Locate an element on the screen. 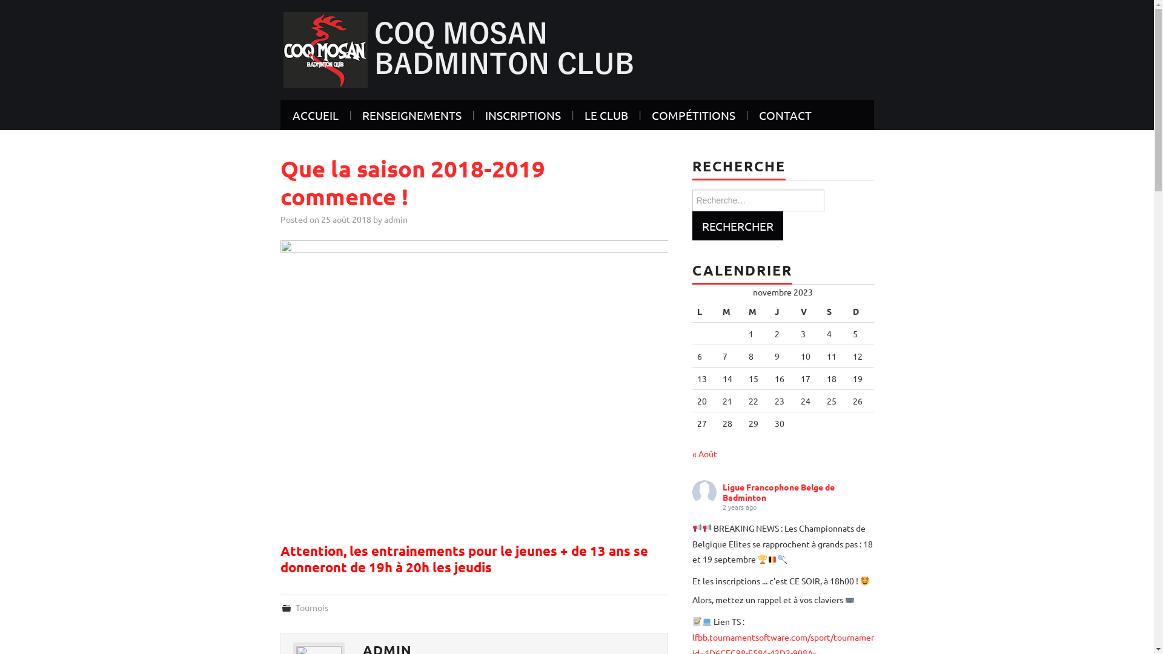  'admin' is located at coordinates (396, 219).